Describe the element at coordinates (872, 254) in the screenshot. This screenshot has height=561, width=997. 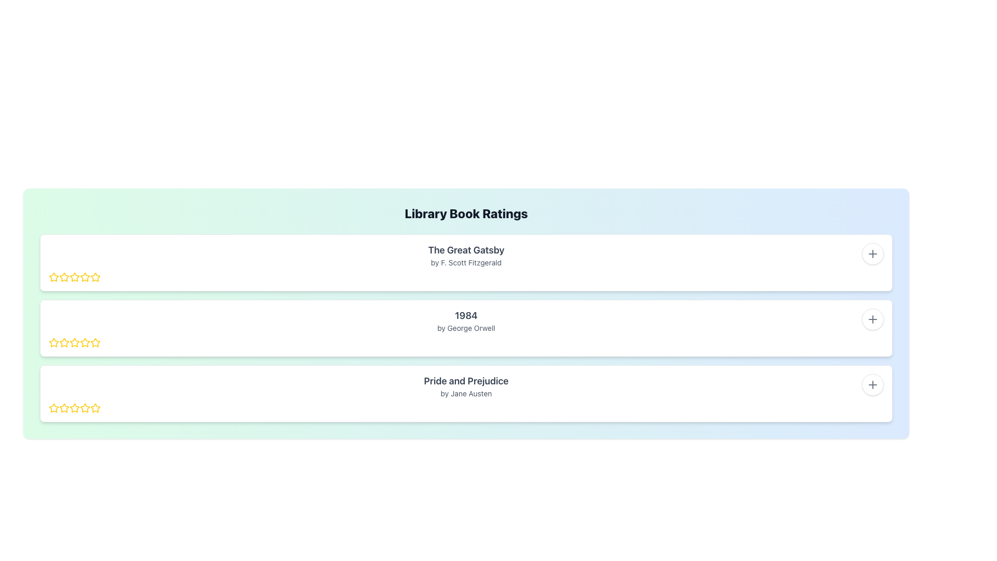
I see `the small circular button with a gray plus icon that turns blue on hover, located` at that location.